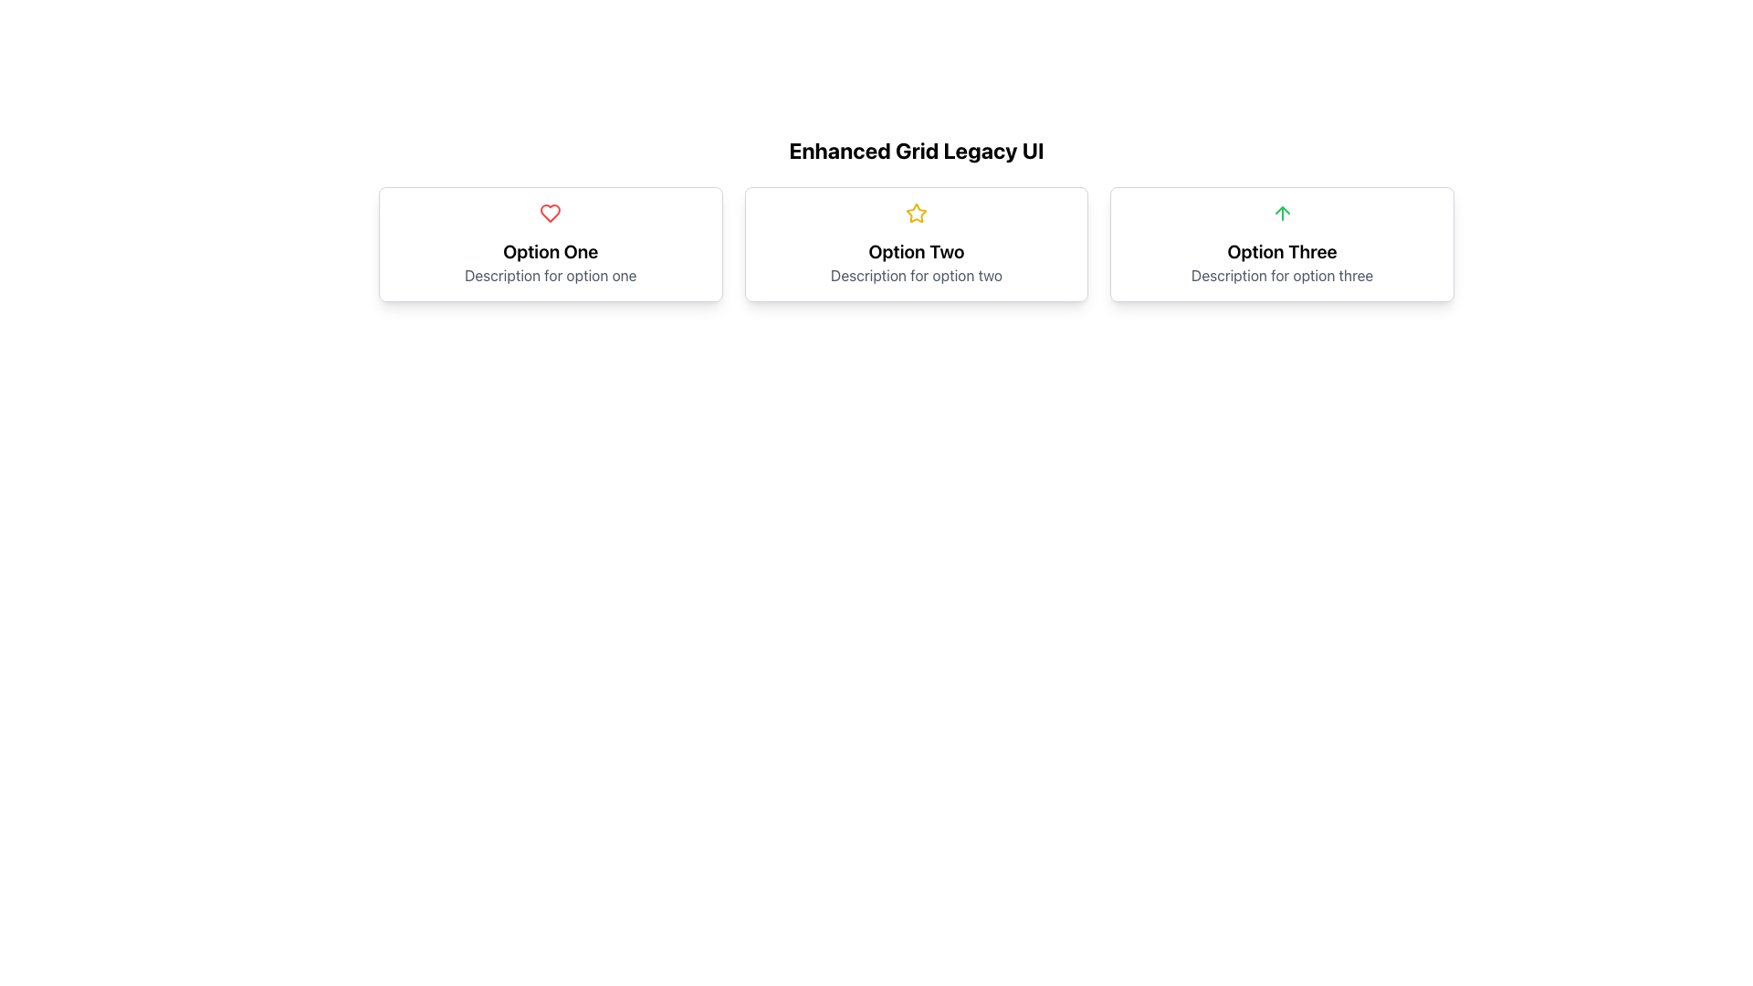 The image size is (1753, 986). What do you see at coordinates (916, 252) in the screenshot?
I see `the 'Option Two' text label, which serves as a title within the UI and is positioned below a star icon and above a smaller description text` at bounding box center [916, 252].